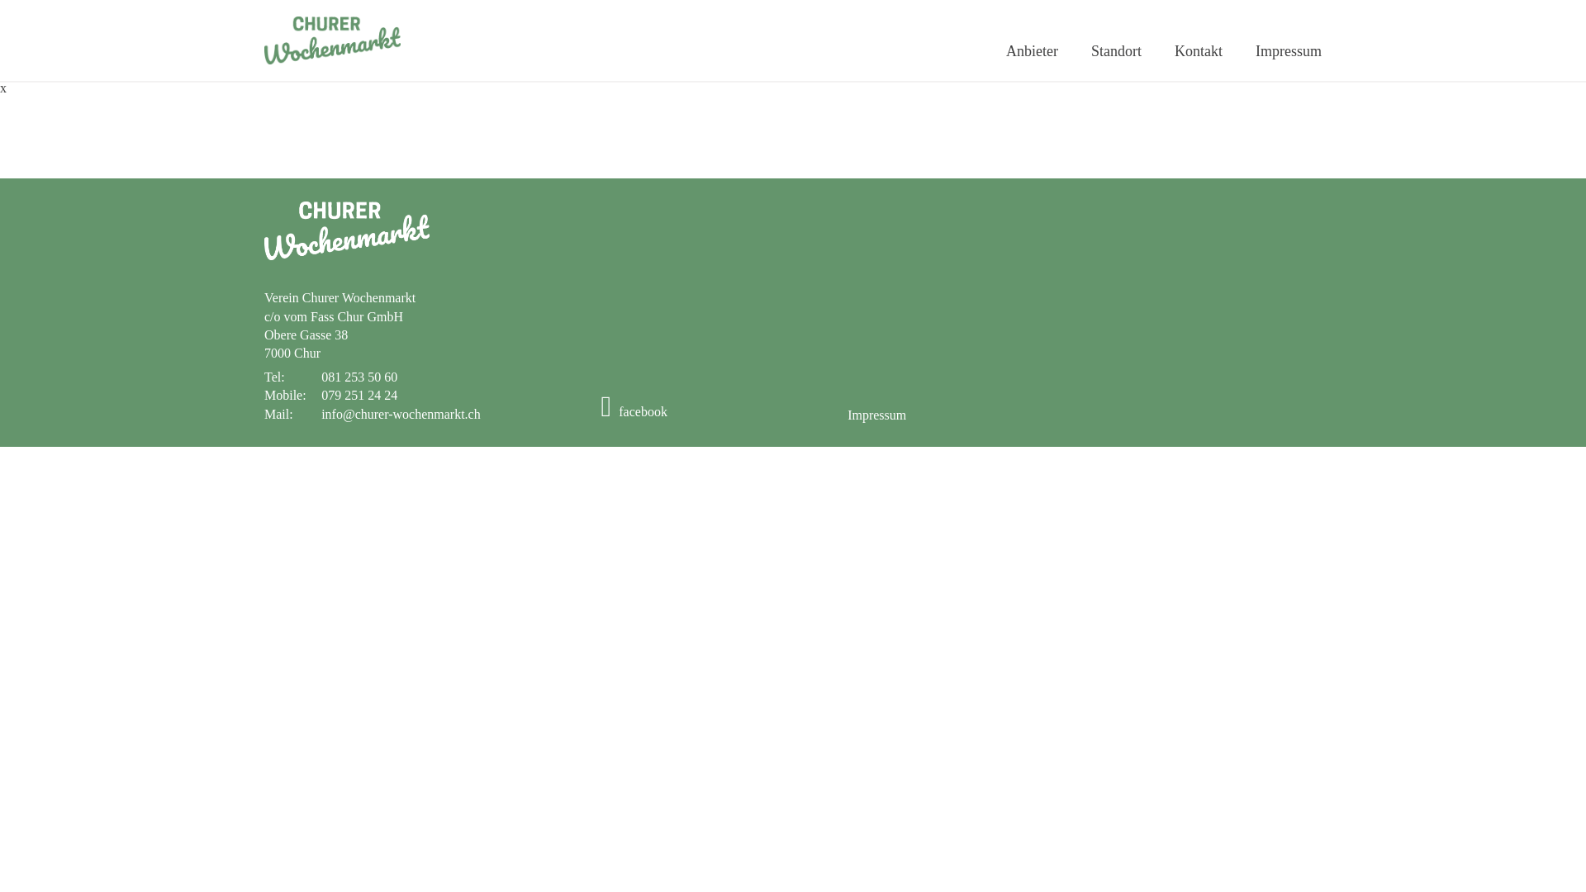 The height and width of the screenshot is (892, 1586). What do you see at coordinates (1288, 50) in the screenshot?
I see `'Impressum'` at bounding box center [1288, 50].